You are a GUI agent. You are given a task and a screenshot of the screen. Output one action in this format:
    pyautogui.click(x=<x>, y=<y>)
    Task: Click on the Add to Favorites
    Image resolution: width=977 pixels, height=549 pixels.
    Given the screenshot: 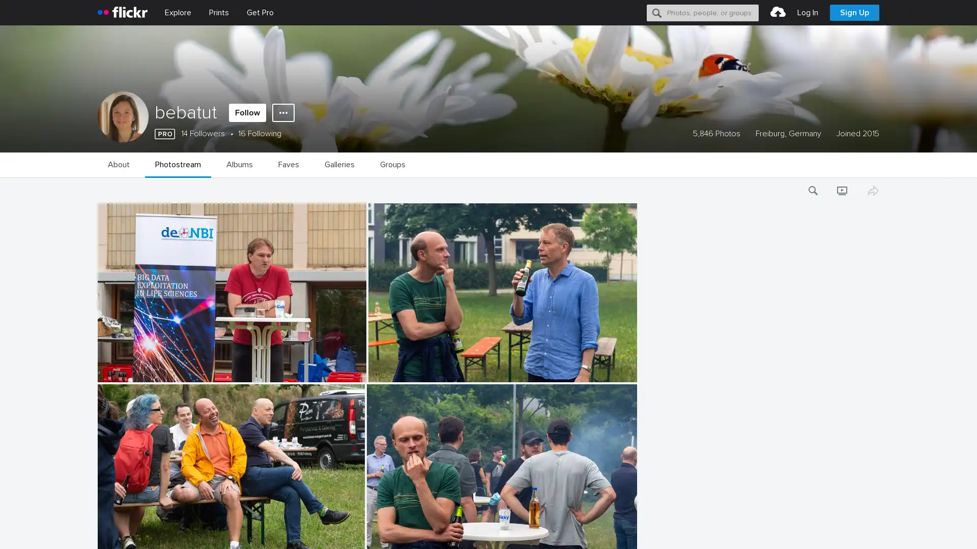 What is the action you would take?
    pyautogui.click(x=332, y=542)
    